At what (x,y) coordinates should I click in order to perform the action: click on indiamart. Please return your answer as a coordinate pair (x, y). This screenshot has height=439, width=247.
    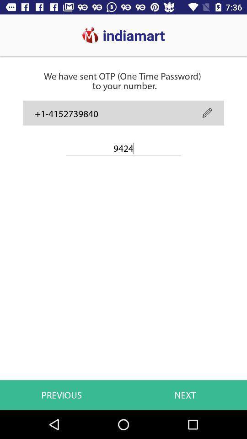
    Looking at the image, I should click on (83, 31).